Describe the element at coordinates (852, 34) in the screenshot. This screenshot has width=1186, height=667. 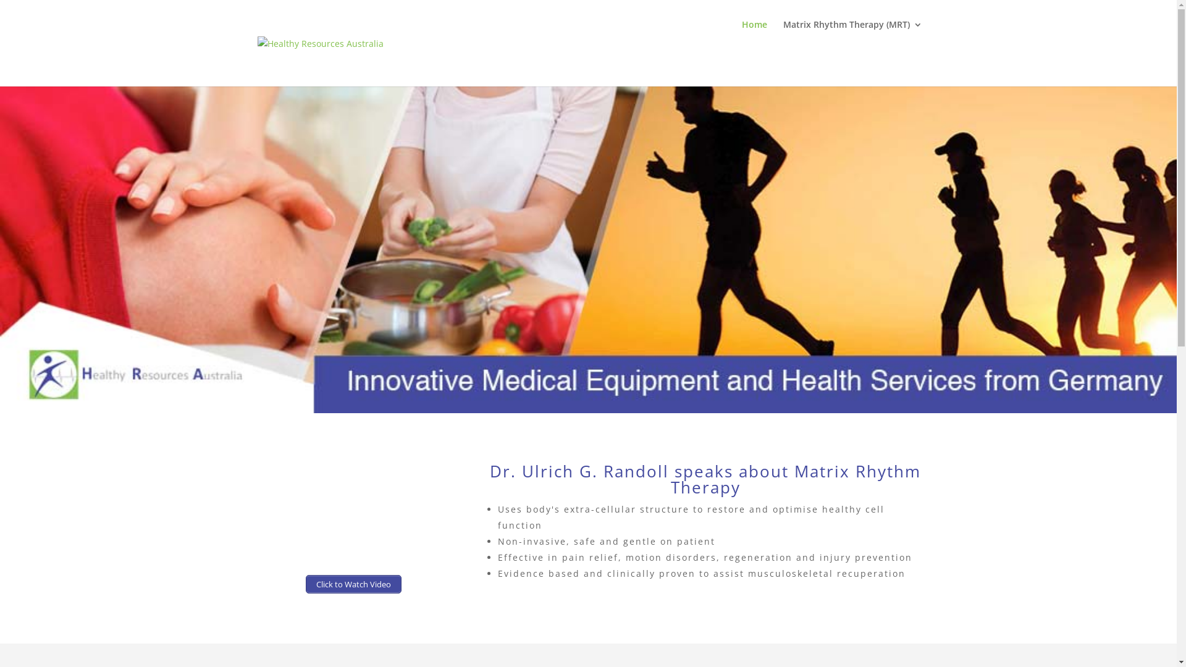
I see `'Matrix Rhythm Therapy (MRT)'` at that location.